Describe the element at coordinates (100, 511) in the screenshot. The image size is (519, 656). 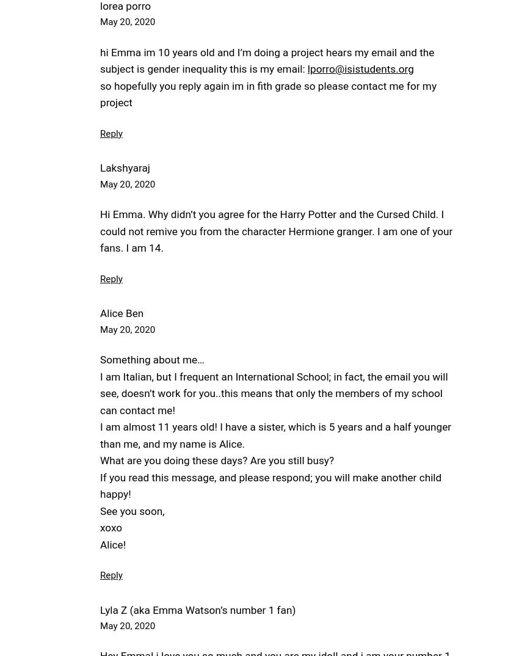
I see `'See you soon,'` at that location.